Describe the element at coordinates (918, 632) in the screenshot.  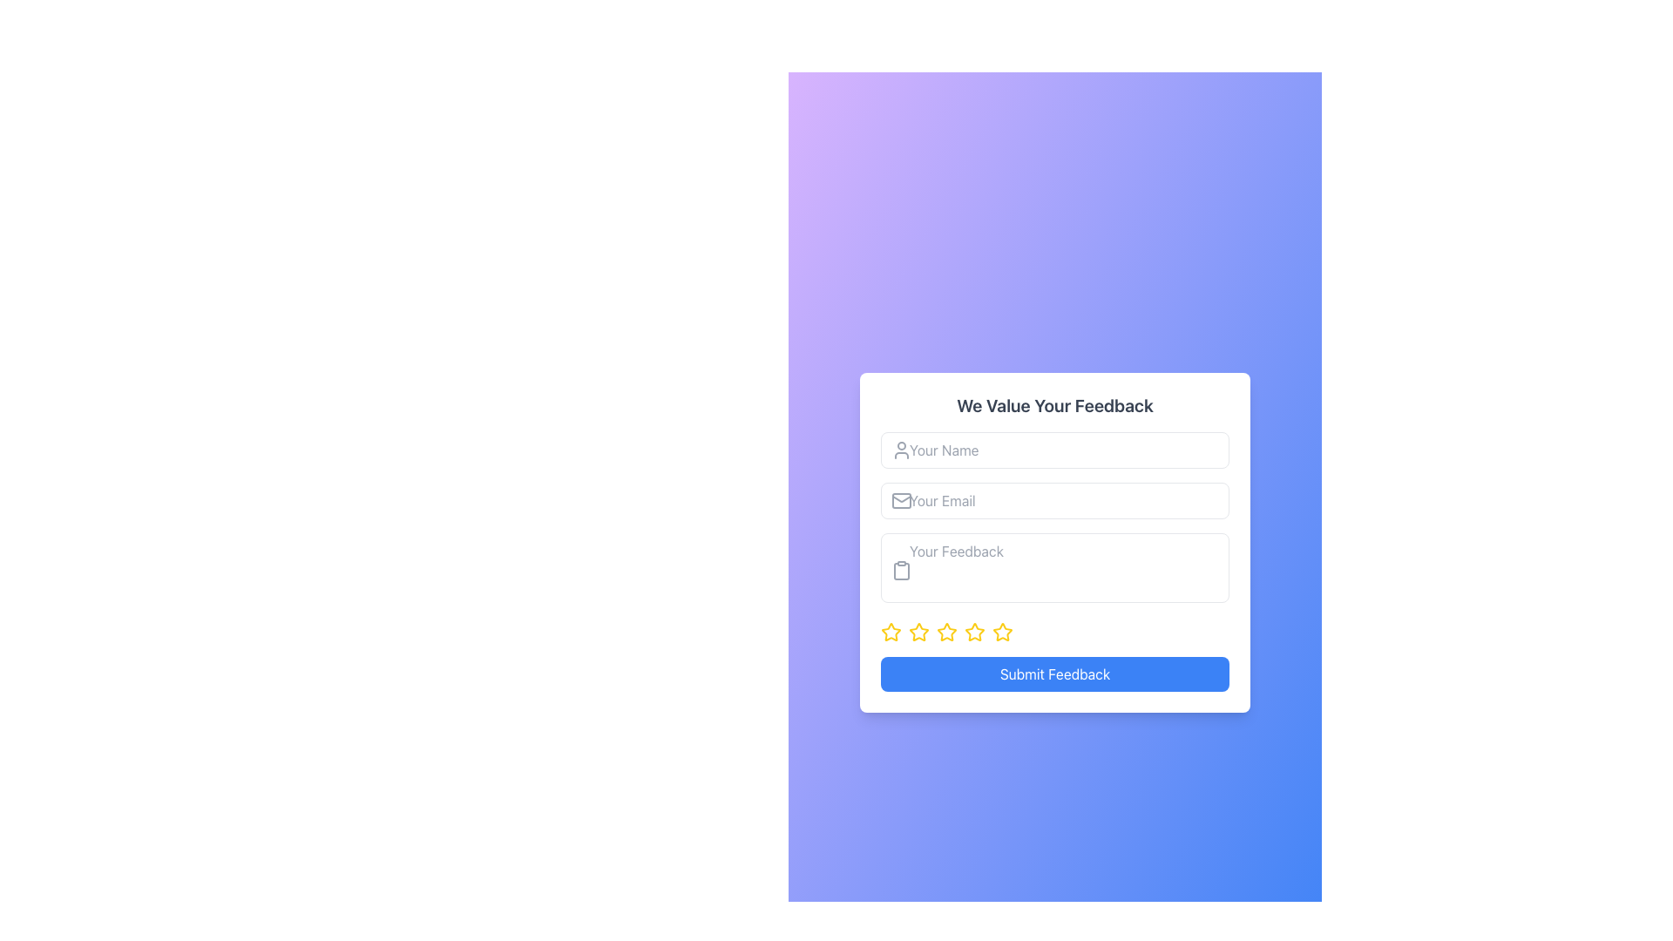
I see `the first star in the row of five stars, located below the 'Your Feedback' text field and above the 'Submit Feedback' button` at that location.